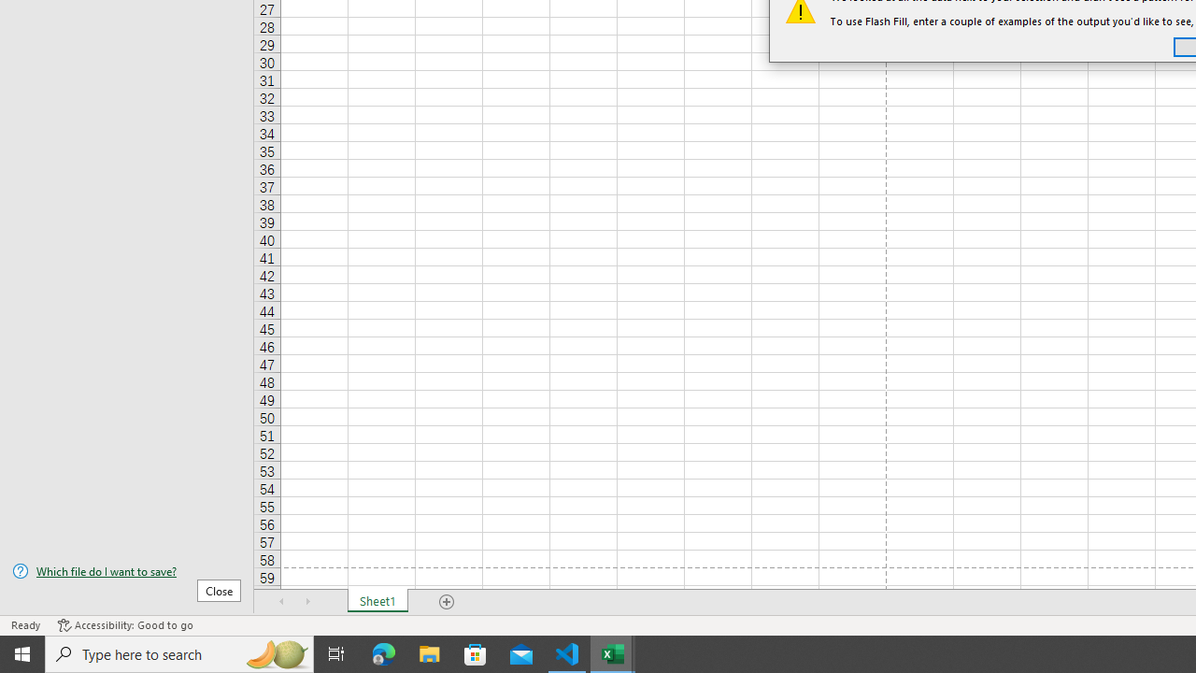  What do you see at coordinates (383, 652) in the screenshot?
I see `'Microsoft Edge'` at bounding box center [383, 652].